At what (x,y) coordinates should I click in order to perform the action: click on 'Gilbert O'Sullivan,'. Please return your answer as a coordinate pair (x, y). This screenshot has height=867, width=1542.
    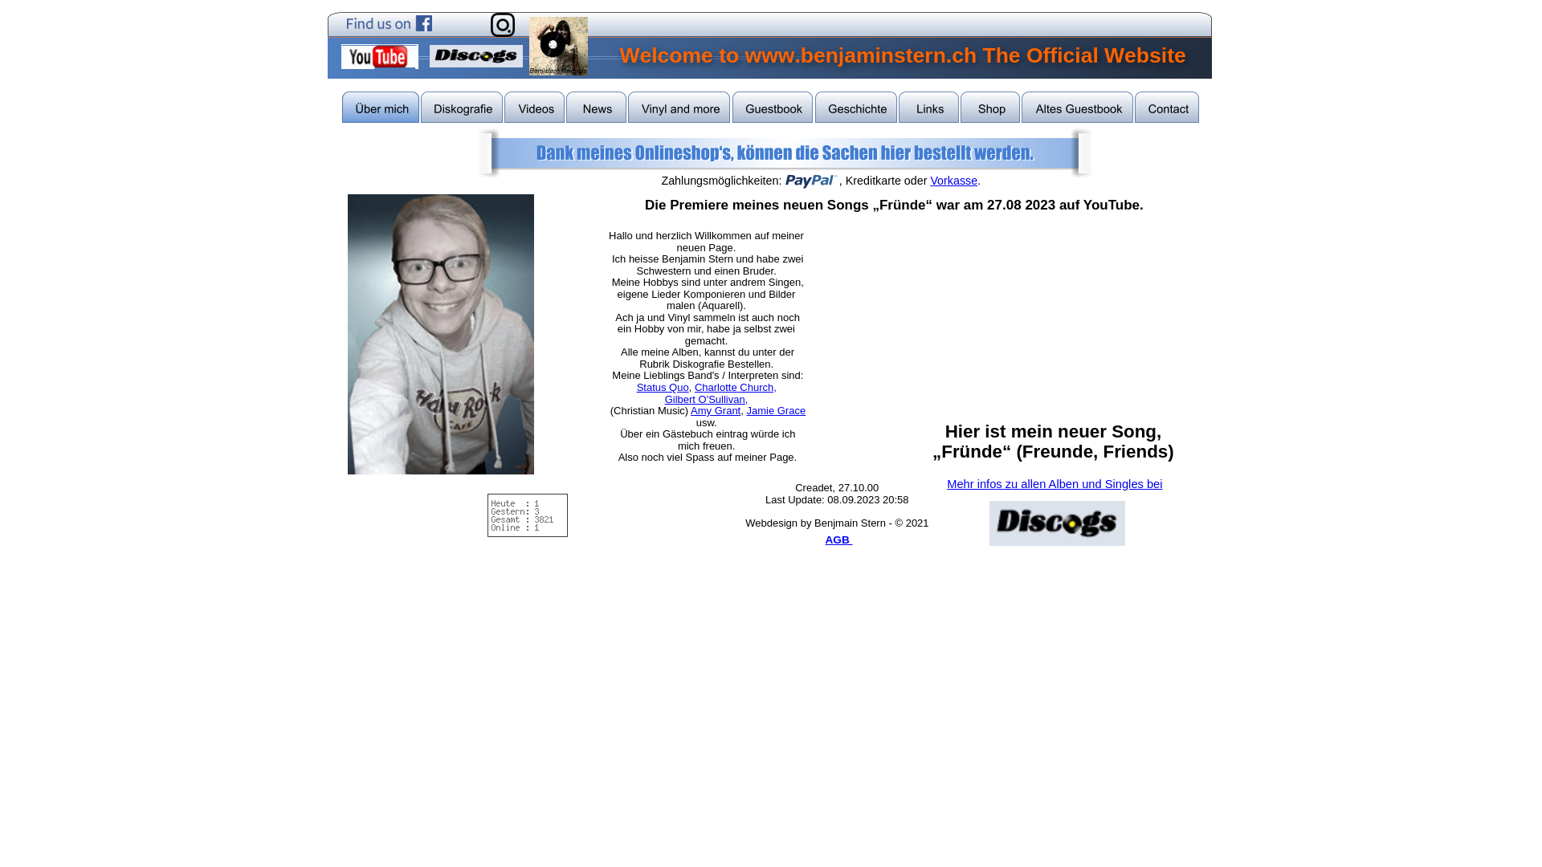
    Looking at the image, I should click on (706, 398).